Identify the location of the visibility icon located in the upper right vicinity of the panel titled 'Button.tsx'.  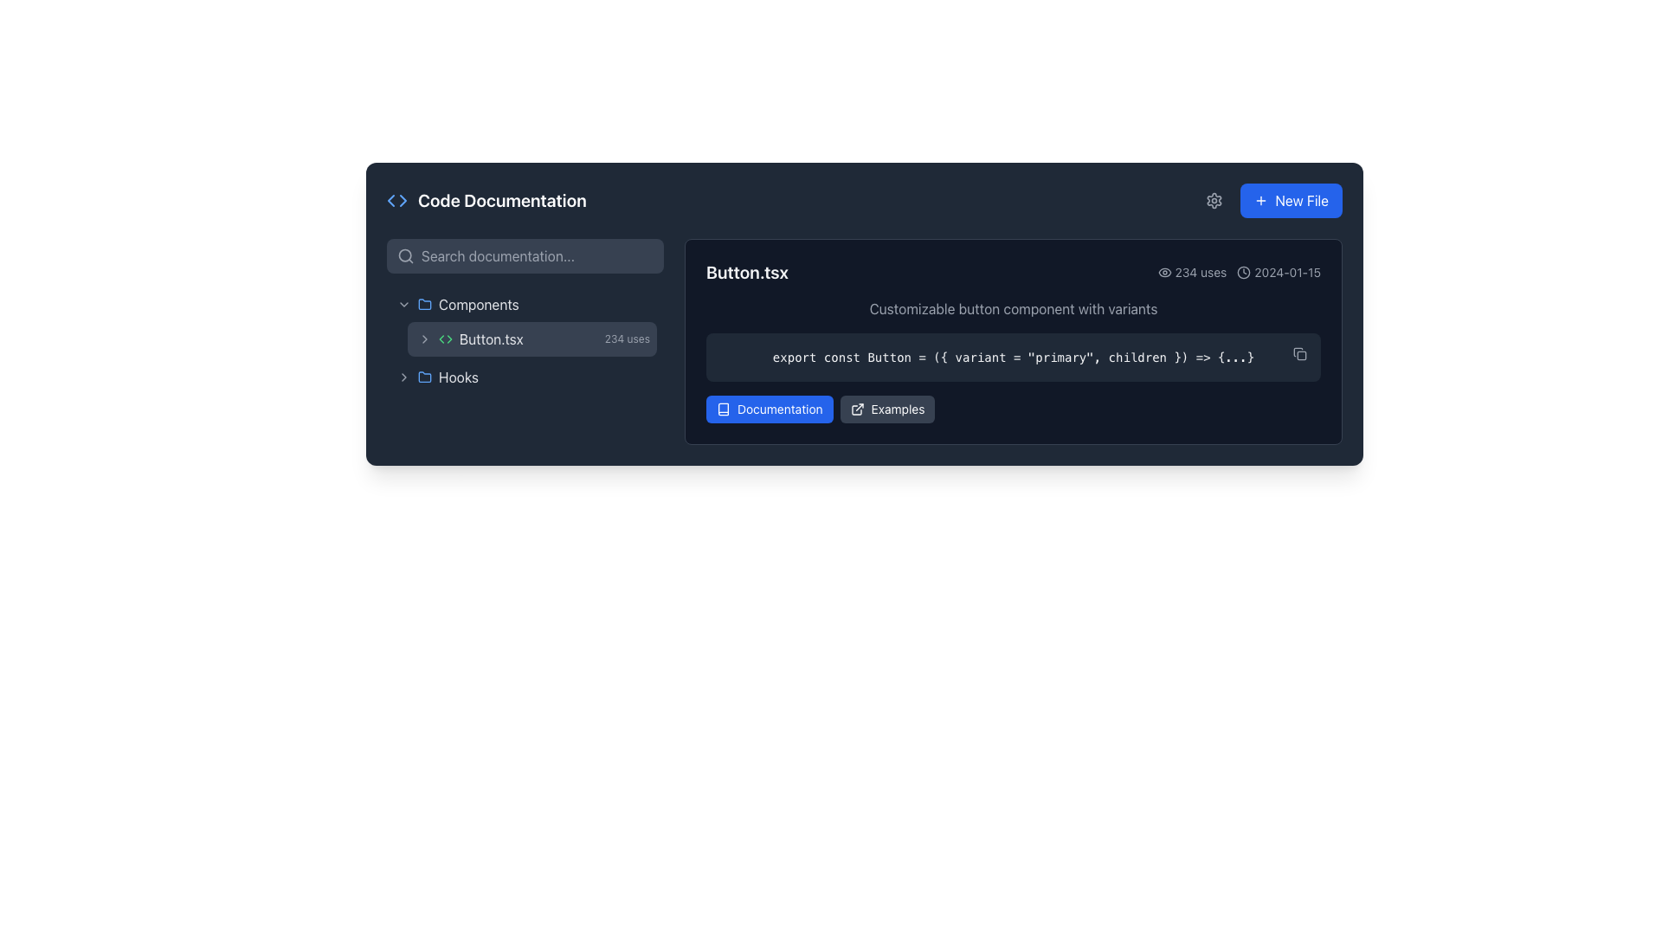
(1164, 273).